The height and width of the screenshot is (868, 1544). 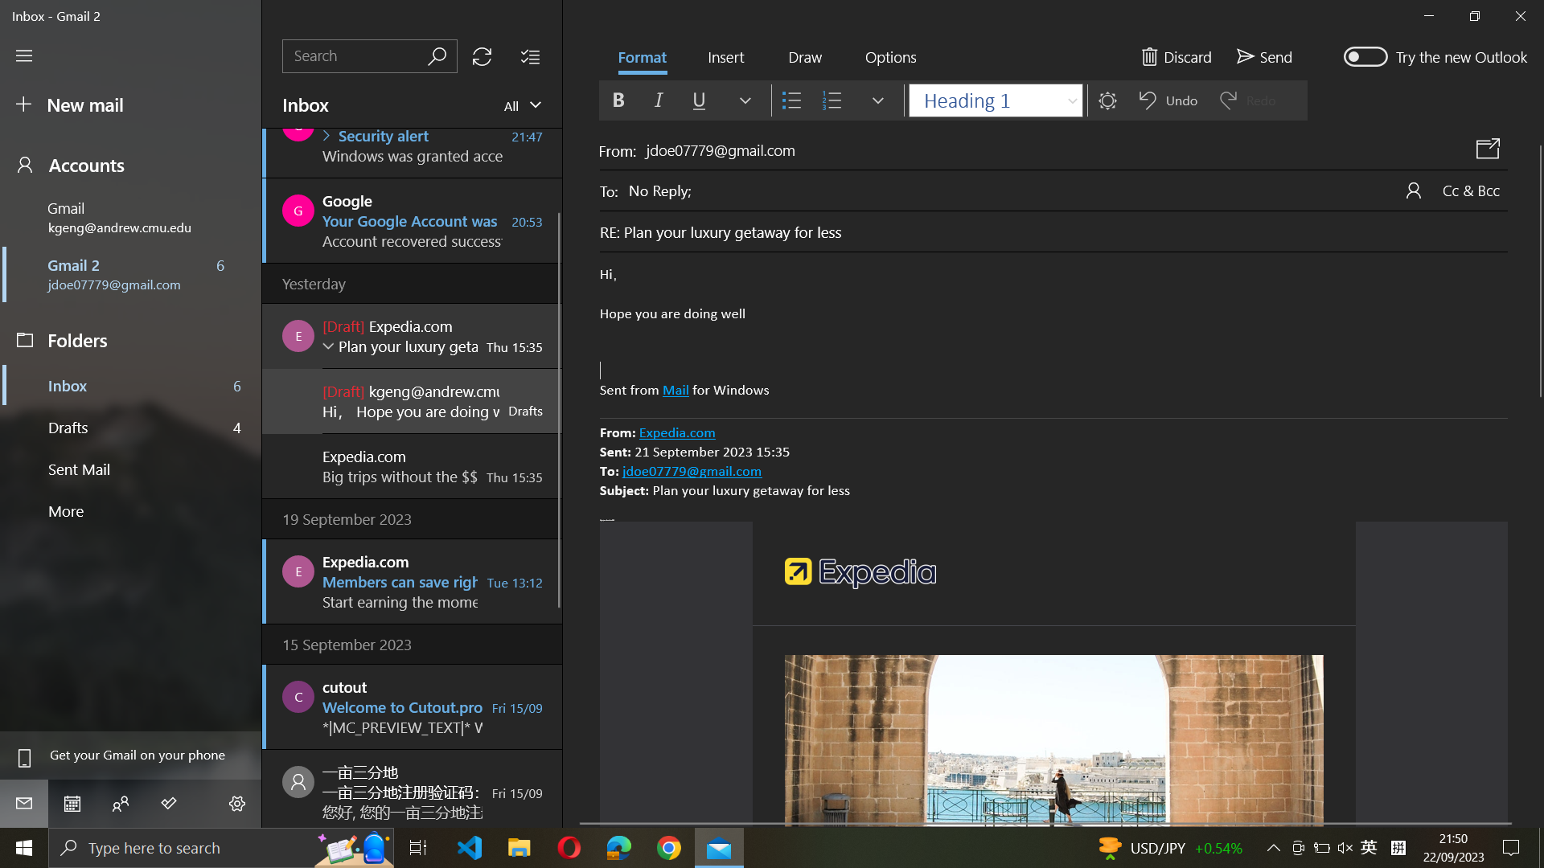 What do you see at coordinates (1053, 333) in the screenshot?
I see `Perform an undo operation in the last modified mail body` at bounding box center [1053, 333].